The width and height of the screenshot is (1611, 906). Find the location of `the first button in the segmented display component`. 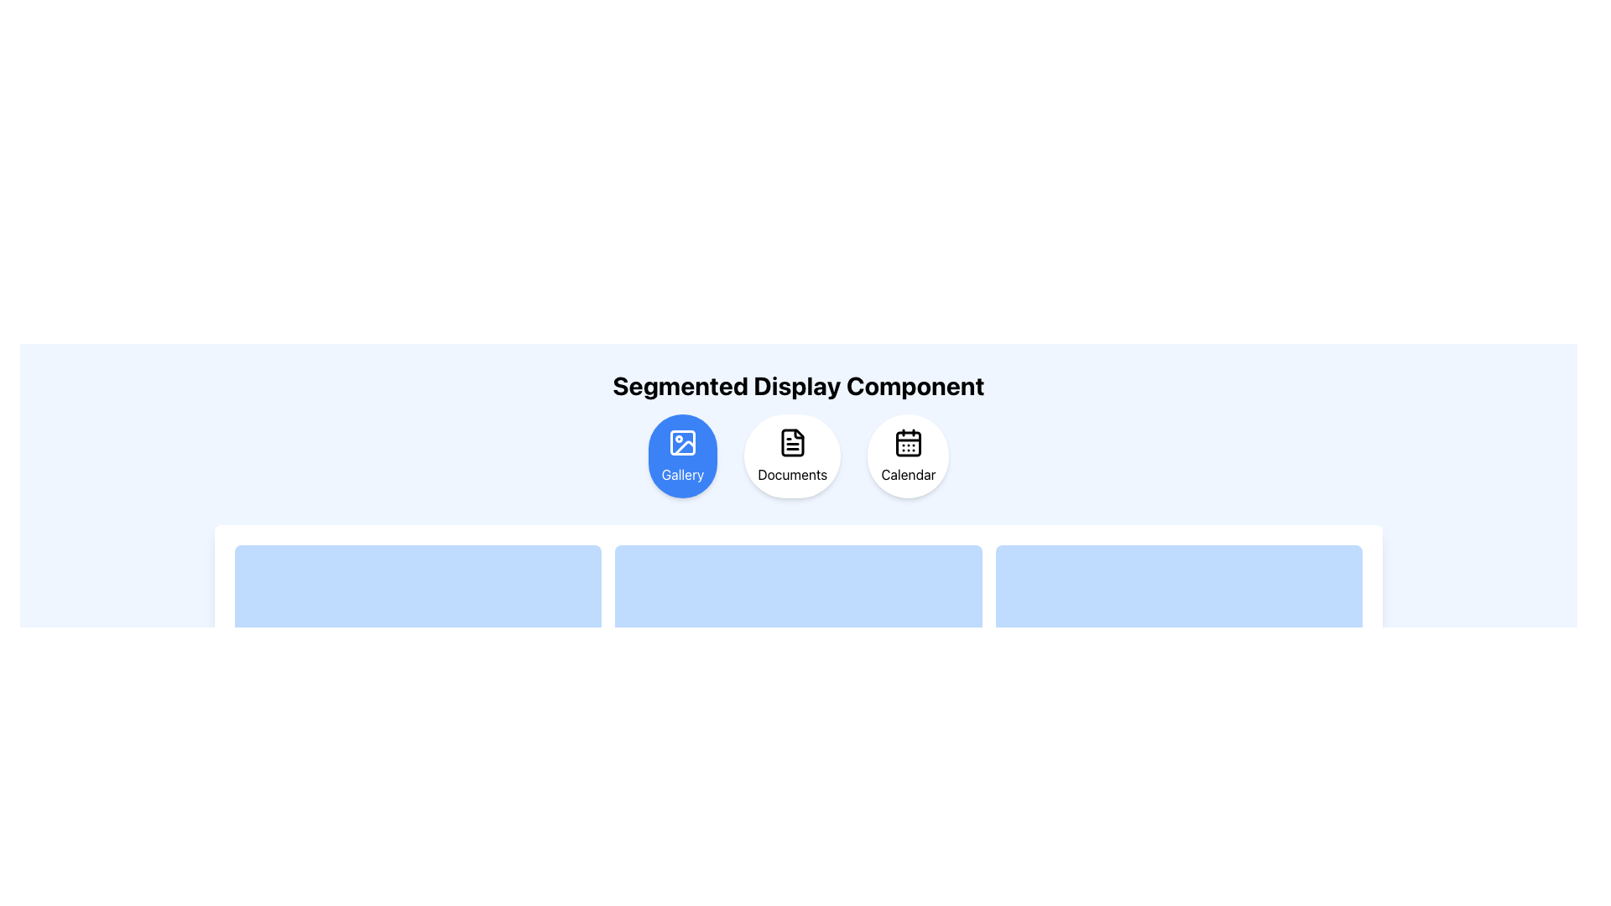

the first button in the segmented display component is located at coordinates (682, 456).